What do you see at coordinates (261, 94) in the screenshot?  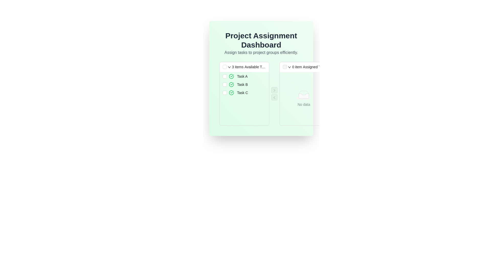 I see `the checkbox in the 'Available Tasks' pane on the left side of the task transfer interface` at bounding box center [261, 94].